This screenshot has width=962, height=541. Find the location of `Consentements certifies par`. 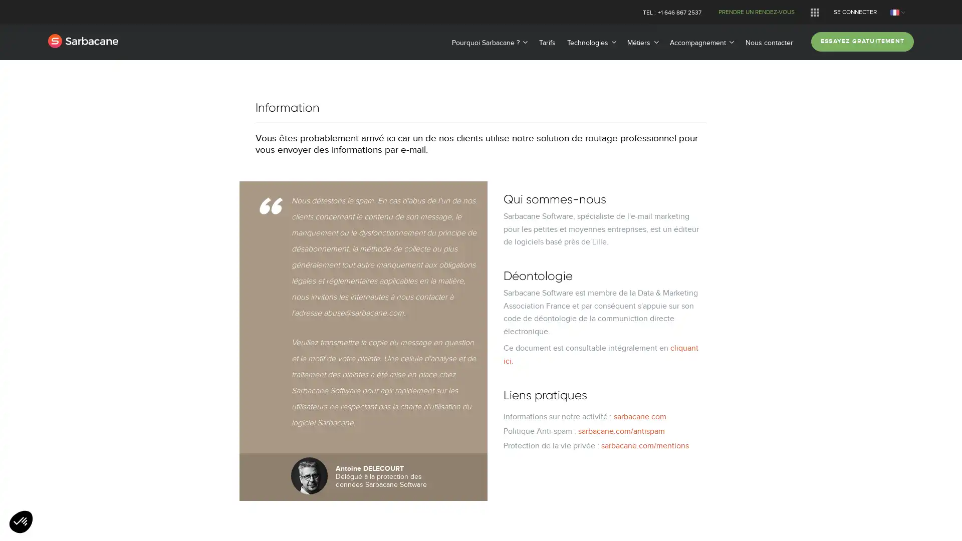

Consentements certifies par is located at coordinates (480, 321).